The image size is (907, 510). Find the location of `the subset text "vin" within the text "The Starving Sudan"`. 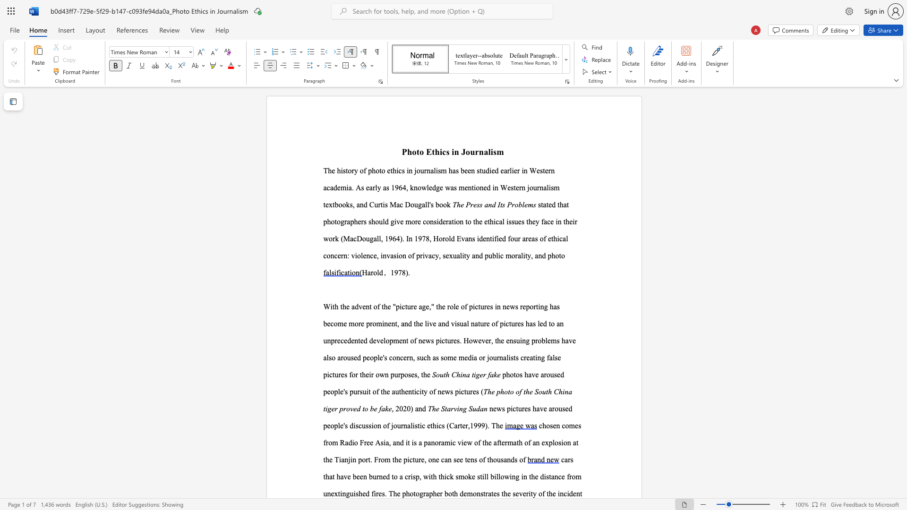

the subset text "vin" within the text "The Starving Sudan" is located at coordinates (453, 408).